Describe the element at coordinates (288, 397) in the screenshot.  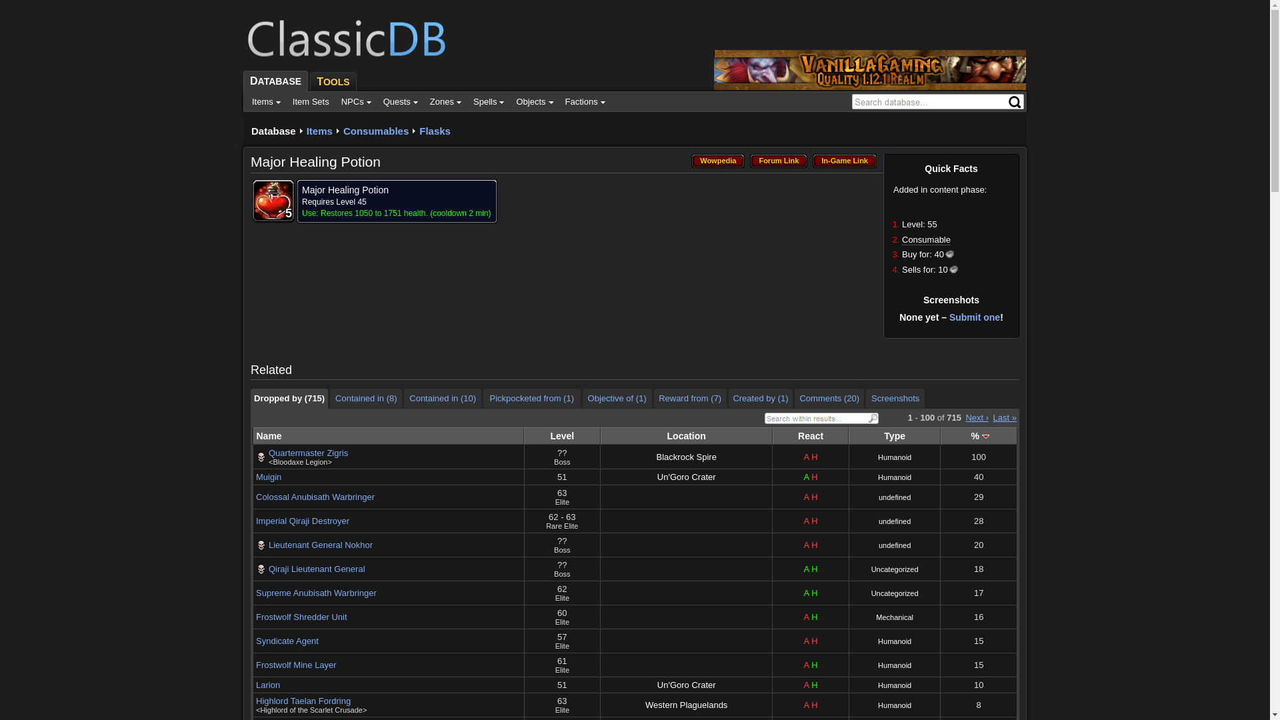
I see `'Dropped by (715)'` at that location.